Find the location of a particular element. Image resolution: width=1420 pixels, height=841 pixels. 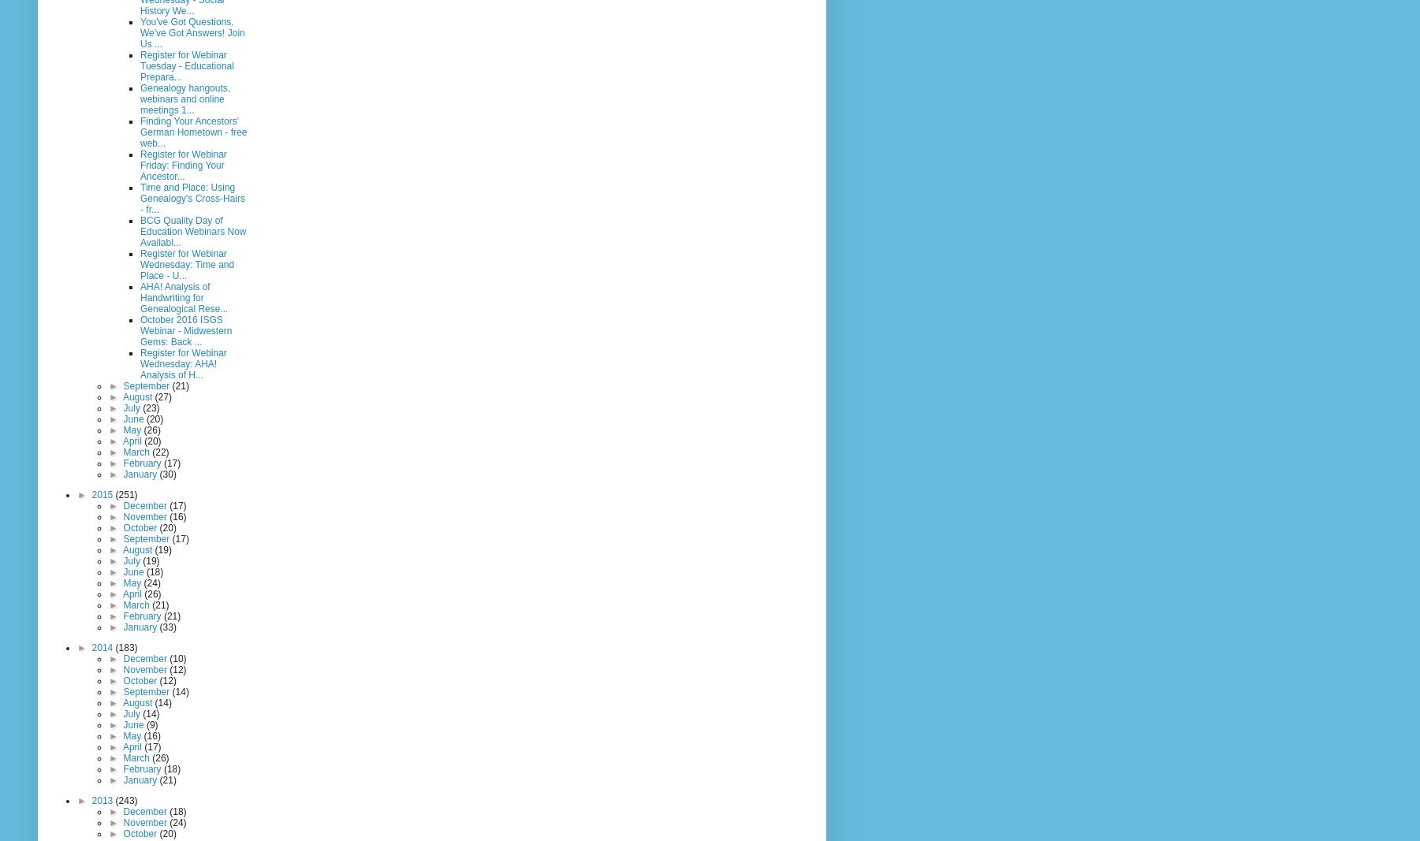

'Time and Place: Using Genealogy's Cross-Hairs - fr...' is located at coordinates (192, 197).